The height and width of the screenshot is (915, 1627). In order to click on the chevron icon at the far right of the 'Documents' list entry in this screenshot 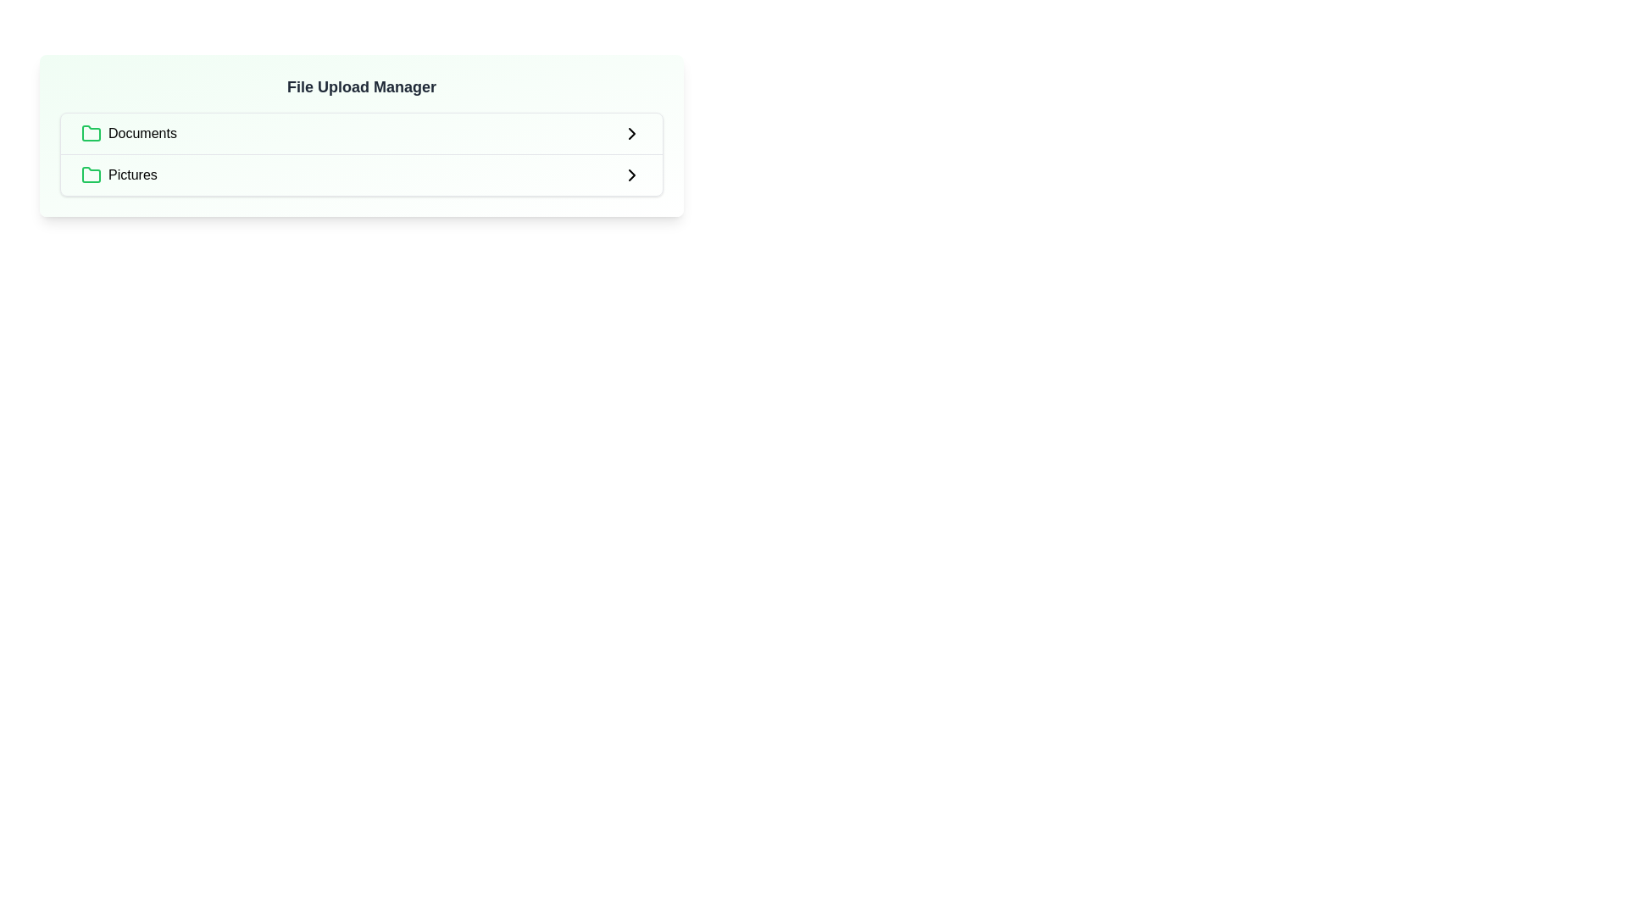, I will do `click(630, 133)`.